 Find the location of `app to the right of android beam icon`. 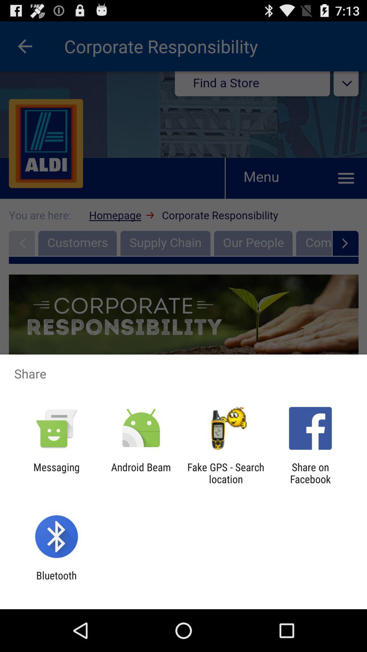

app to the right of android beam icon is located at coordinates (226, 473).